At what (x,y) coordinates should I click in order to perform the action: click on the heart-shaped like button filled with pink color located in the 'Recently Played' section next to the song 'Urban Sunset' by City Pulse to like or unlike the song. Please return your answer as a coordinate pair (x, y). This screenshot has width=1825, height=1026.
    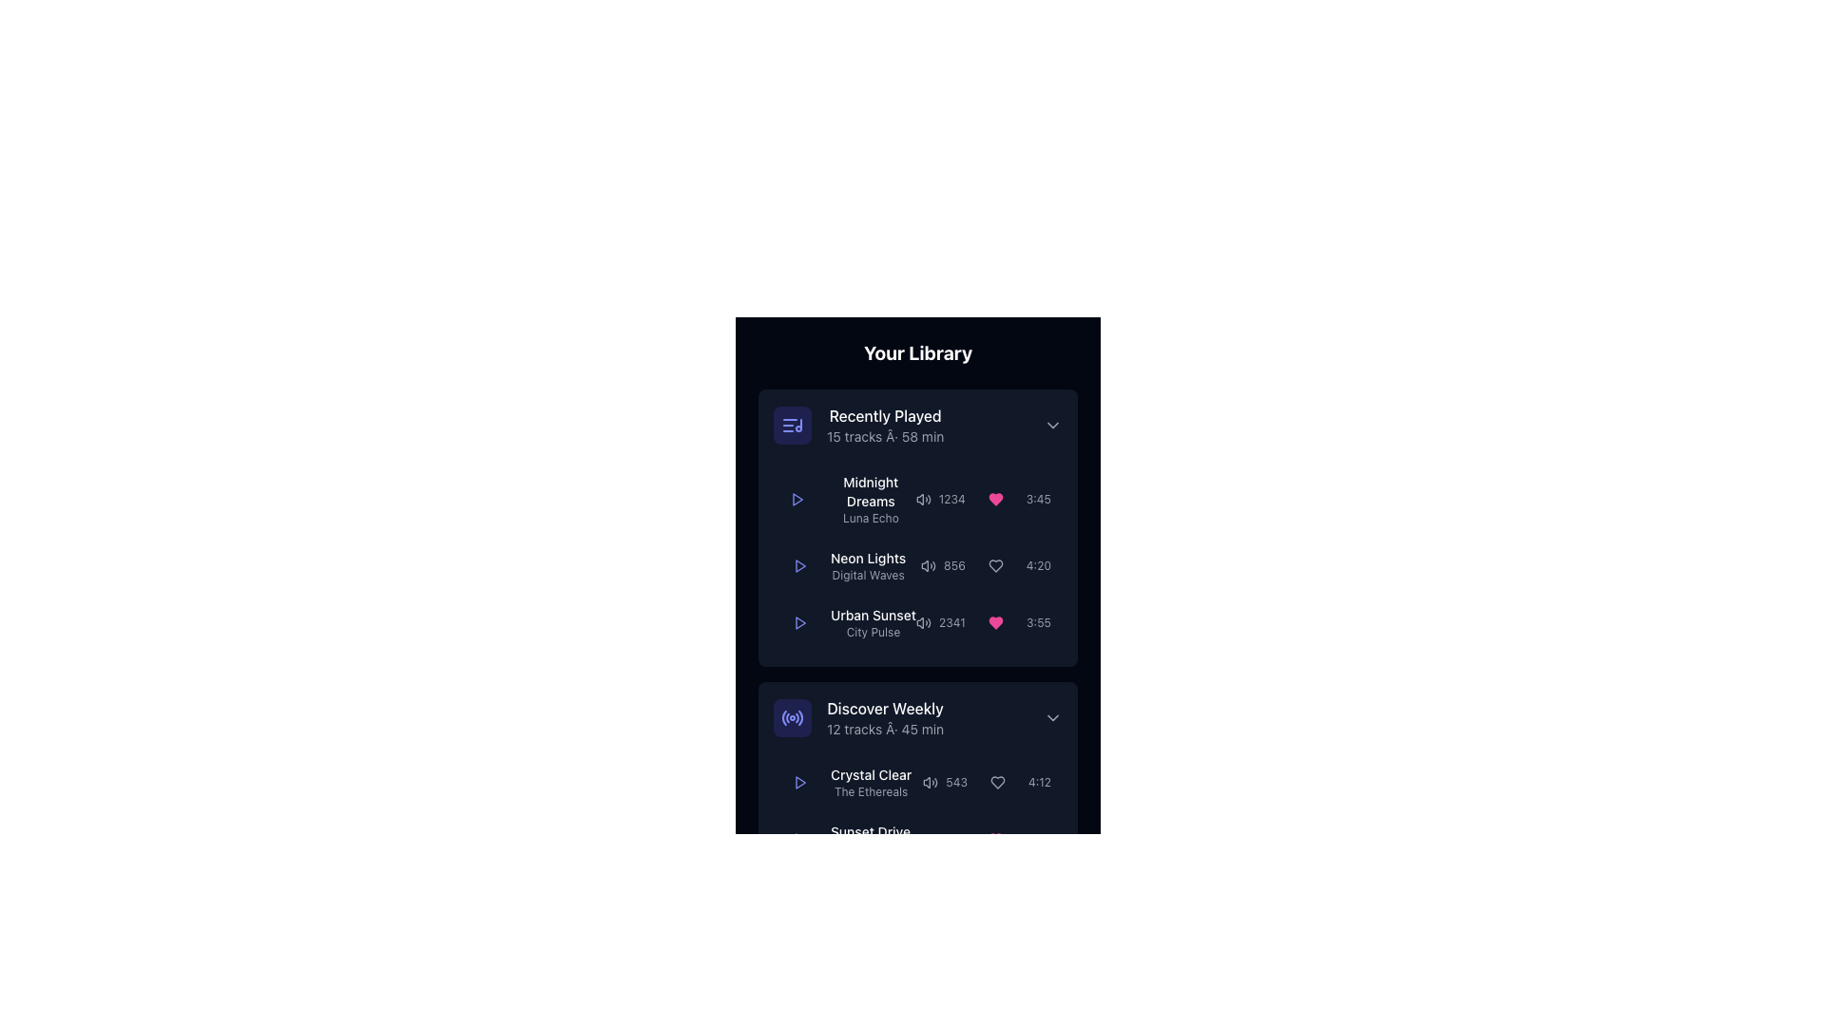
    Looking at the image, I should click on (994, 622).